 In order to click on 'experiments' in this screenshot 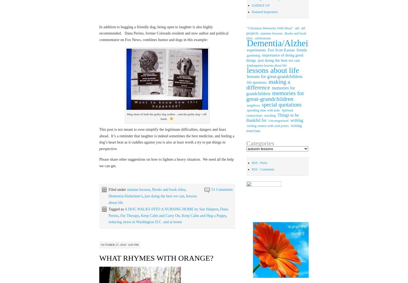, I will do `click(256, 50)`.